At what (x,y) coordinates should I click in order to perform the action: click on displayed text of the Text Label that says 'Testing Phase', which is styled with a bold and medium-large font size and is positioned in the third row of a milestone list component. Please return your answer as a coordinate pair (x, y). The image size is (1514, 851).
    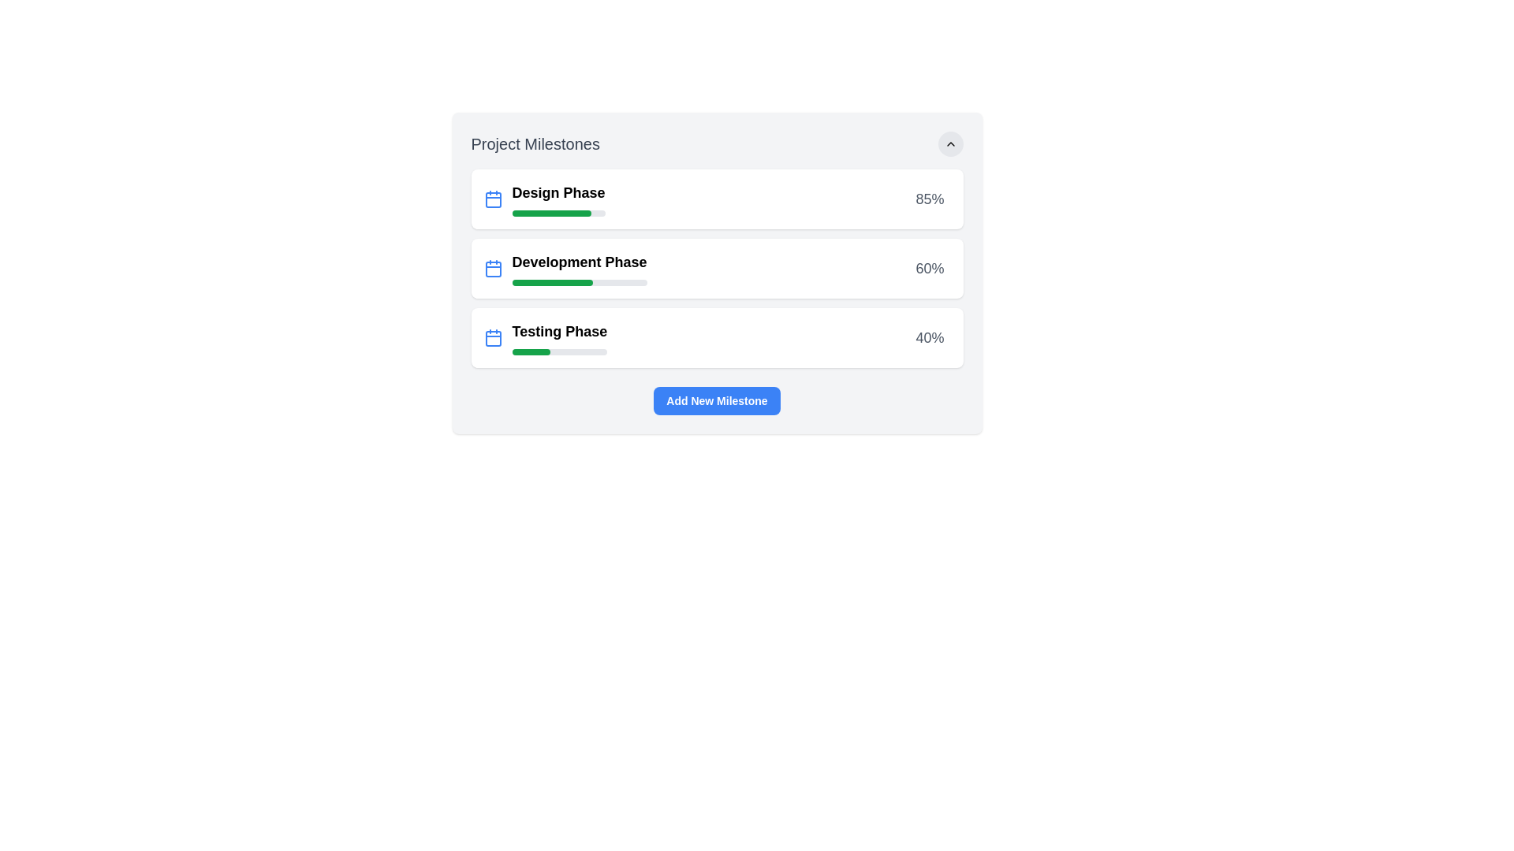
    Looking at the image, I should click on (559, 330).